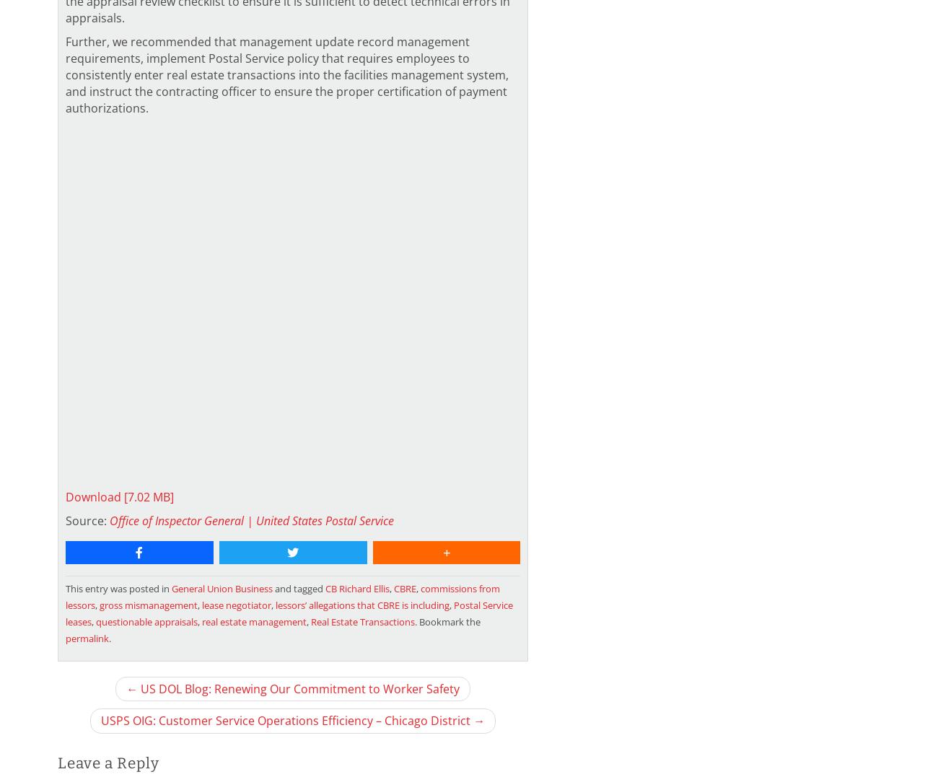  What do you see at coordinates (404, 589) in the screenshot?
I see `'CBRE'` at bounding box center [404, 589].